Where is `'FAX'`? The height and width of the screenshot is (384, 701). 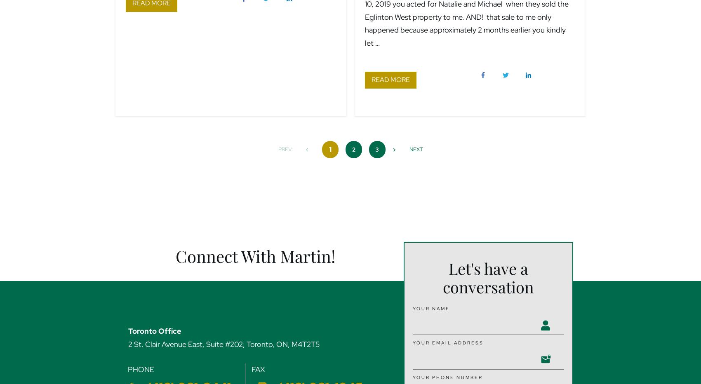 'FAX' is located at coordinates (257, 369).